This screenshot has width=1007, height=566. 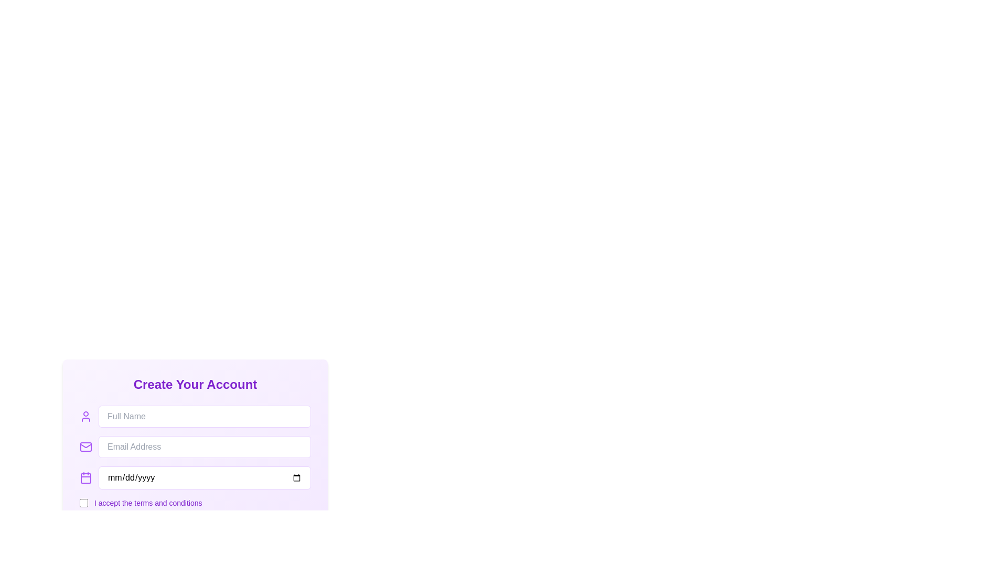 What do you see at coordinates (205, 447) in the screenshot?
I see `the text input field for 'Email Address' by tabbing to it, which is styled with a rounded border and light purple accents, following the 'Full Name' field` at bounding box center [205, 447].